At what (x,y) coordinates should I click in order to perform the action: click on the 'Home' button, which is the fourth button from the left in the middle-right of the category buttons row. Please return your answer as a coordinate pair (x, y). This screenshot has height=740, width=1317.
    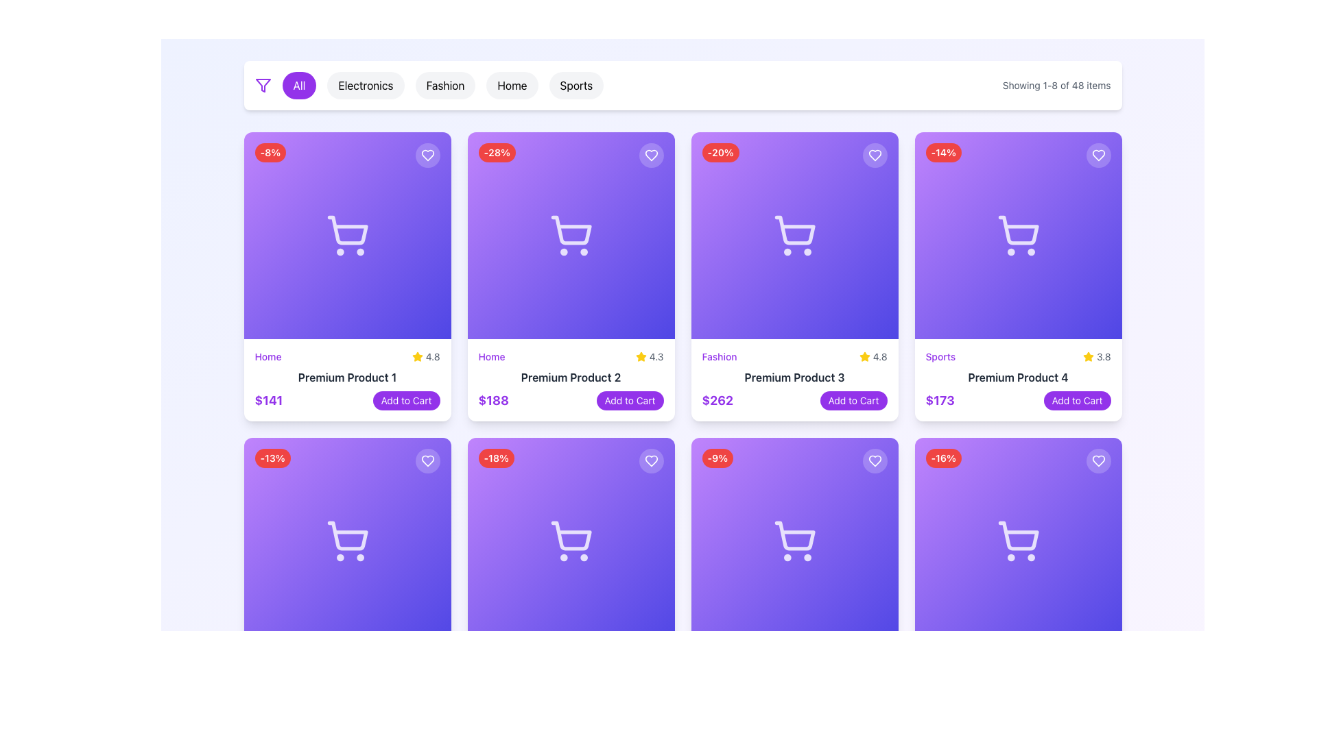
    Looking at the image, I should click on (511, 85).